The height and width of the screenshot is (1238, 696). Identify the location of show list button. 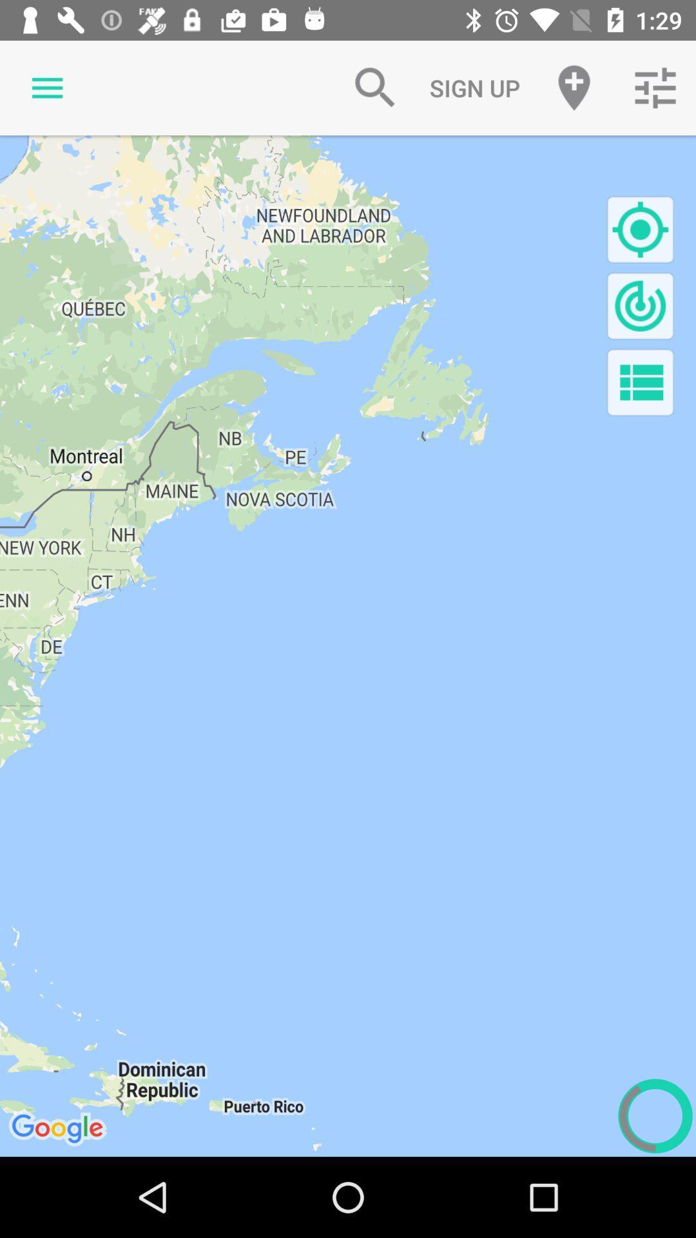
(640, 382).